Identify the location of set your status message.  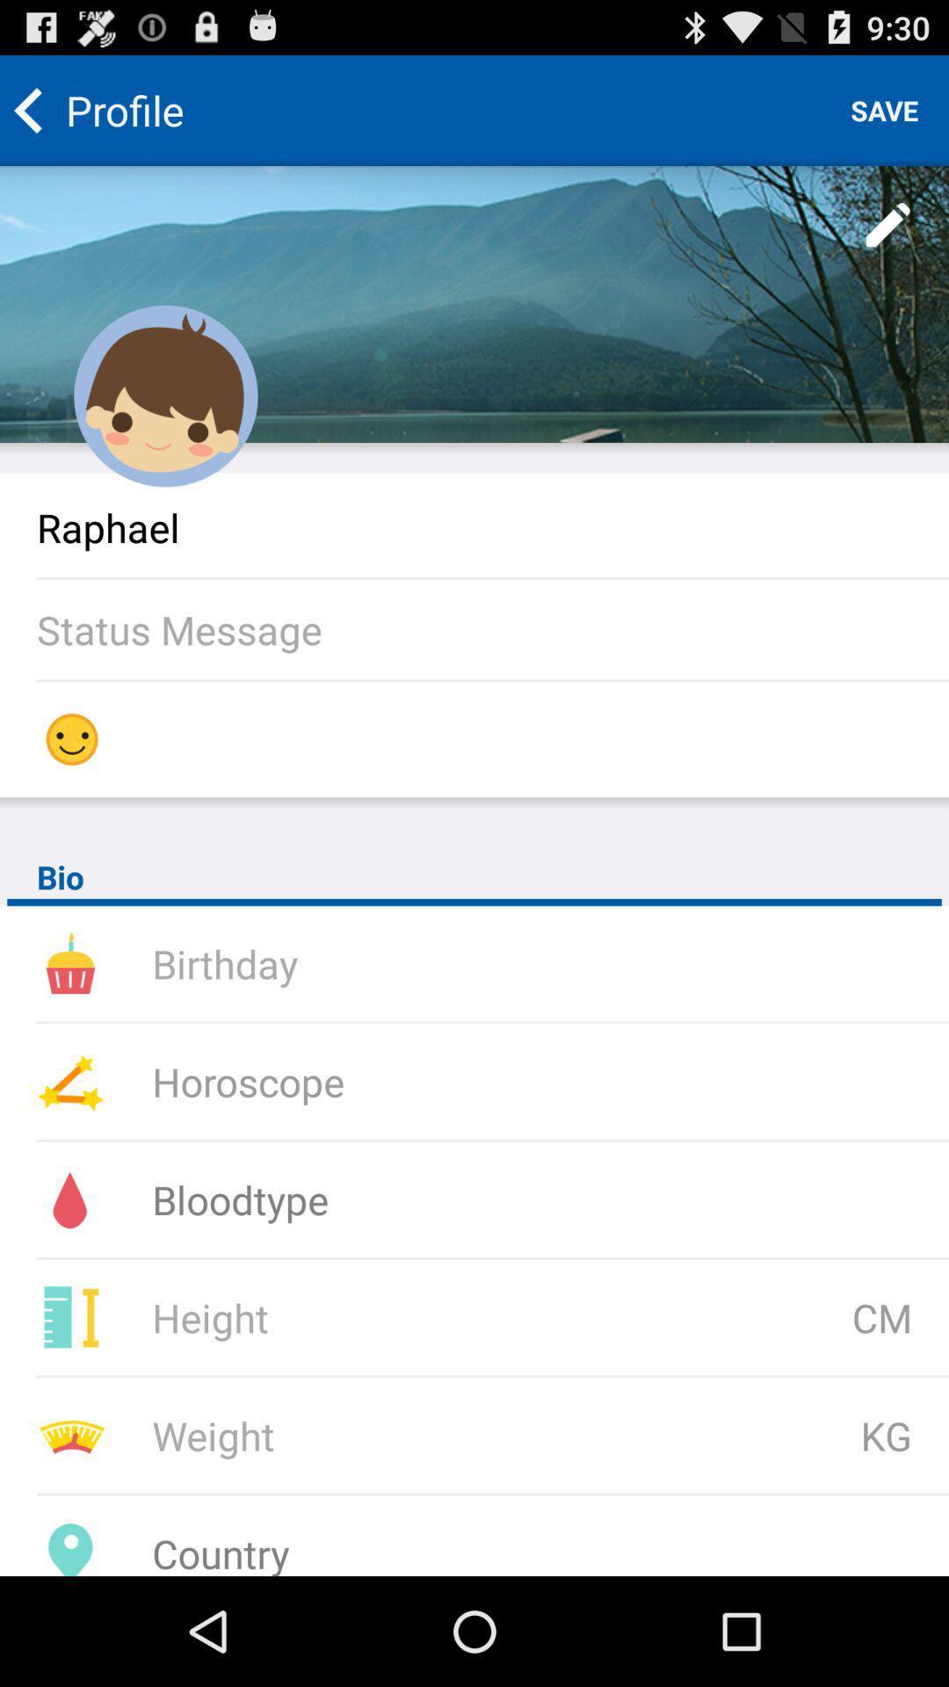
(492, 629).